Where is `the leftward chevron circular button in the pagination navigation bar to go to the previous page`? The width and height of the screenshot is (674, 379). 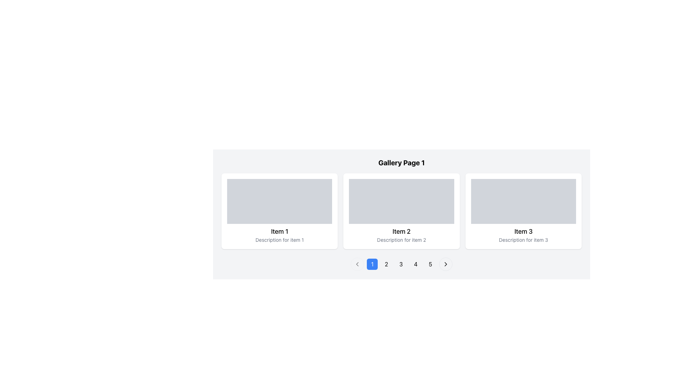 the leftward chevron circular button in the pagination navigation bar to go to the previous page is located at coordinates (357, 264).